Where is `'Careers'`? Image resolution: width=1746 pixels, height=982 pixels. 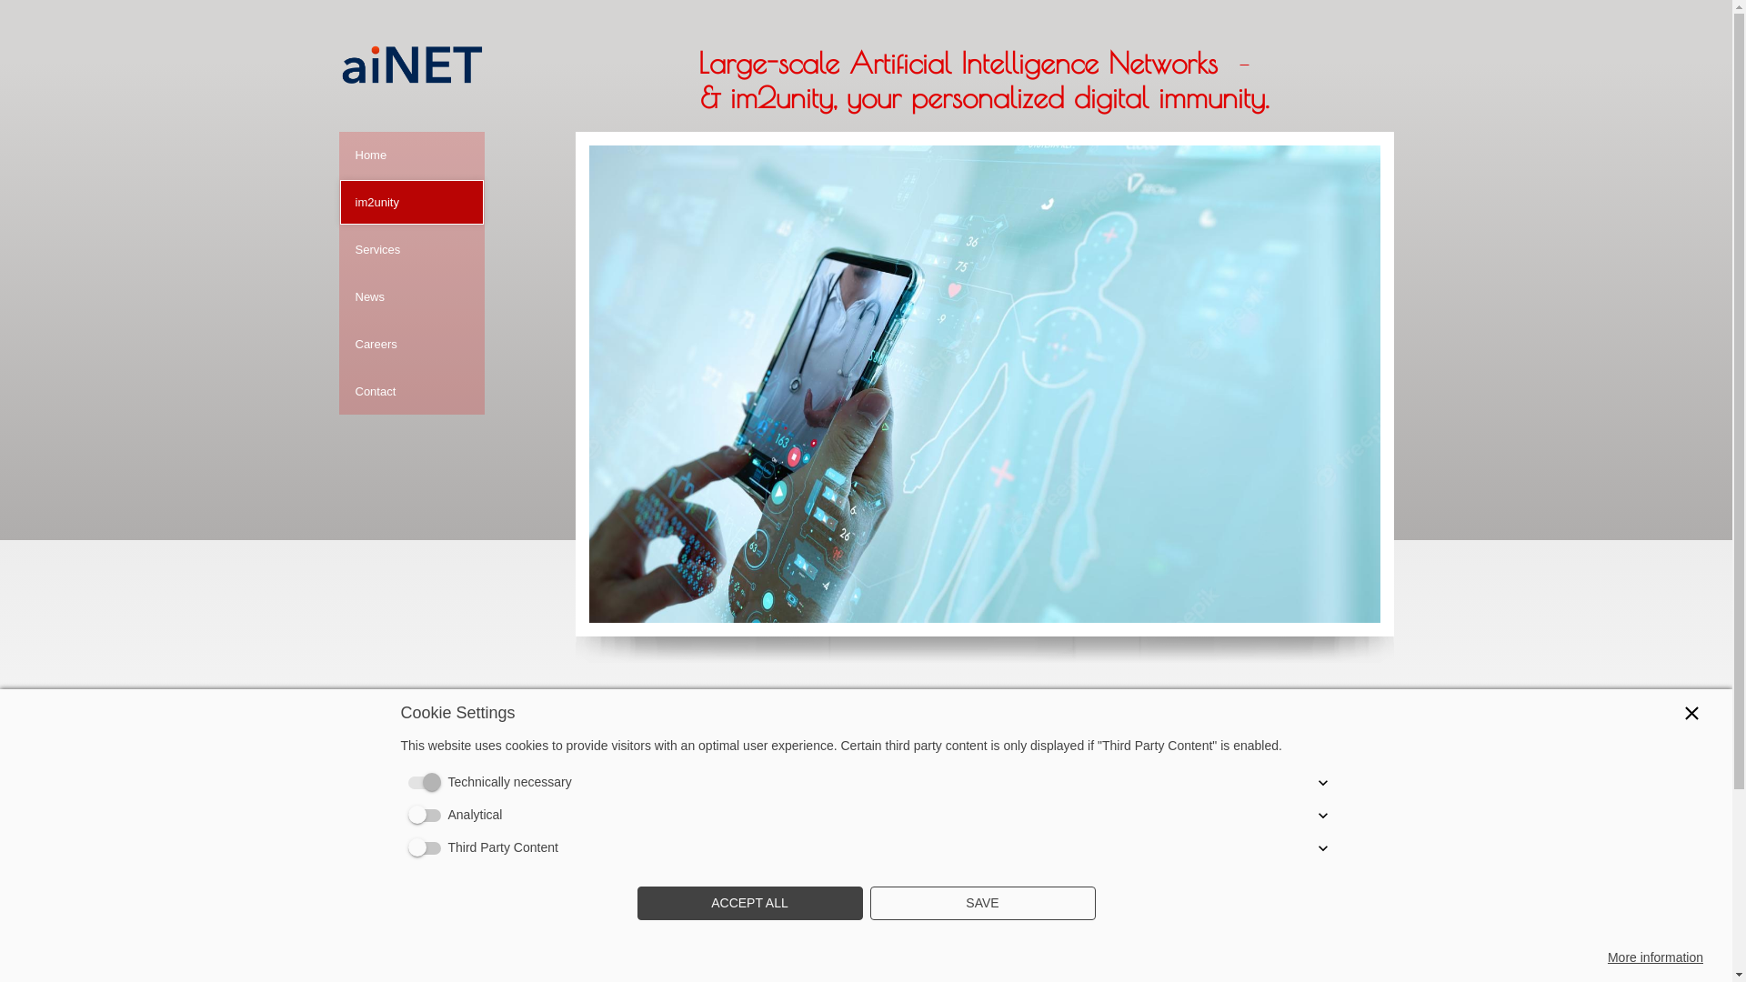
'Careers' is located at coordinates (409, 344).